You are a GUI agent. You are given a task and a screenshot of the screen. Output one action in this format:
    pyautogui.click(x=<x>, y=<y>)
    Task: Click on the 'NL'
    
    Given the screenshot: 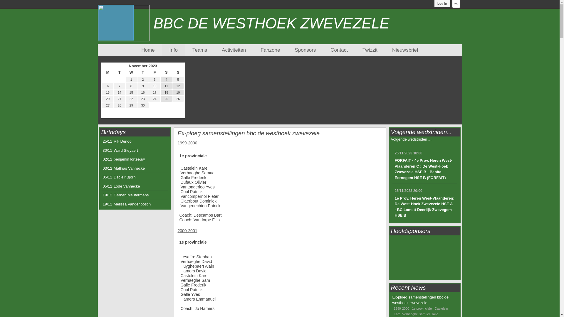 What is the action you would take?
    pyautogui.click(x=456, y=4)
    